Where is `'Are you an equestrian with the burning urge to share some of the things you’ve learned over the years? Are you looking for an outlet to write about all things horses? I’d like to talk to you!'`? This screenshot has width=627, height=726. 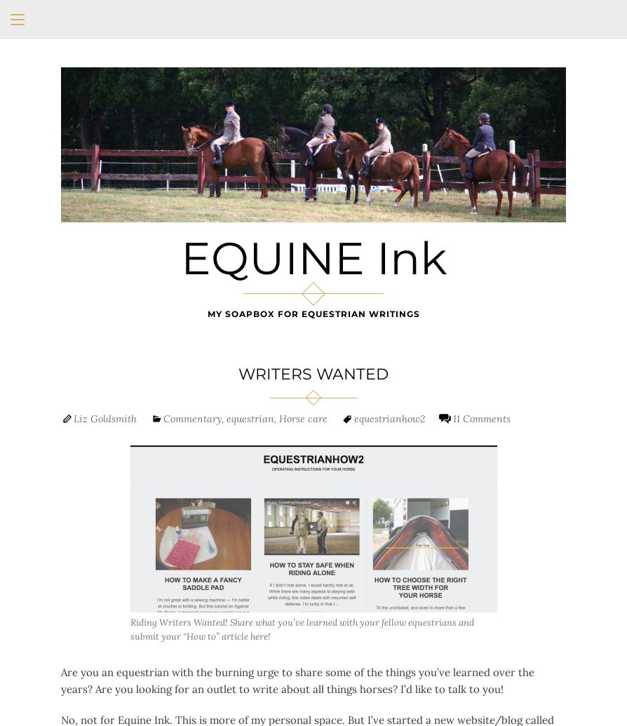 'Are you an equestrian with the burning urge to share some of the things you’ve learned over the years? Are you looking for an outlet to write about all things horses? I’d like to talk to you!' is located at coordinates (60, 680).